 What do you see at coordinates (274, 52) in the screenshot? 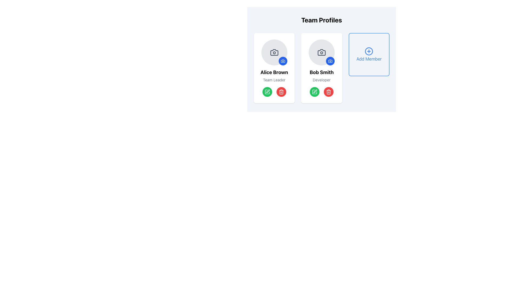
I see `the profile picture icon located in the second profile card from the left, positioned centrally within the circular avatar area` at bounding box center [274, 52].